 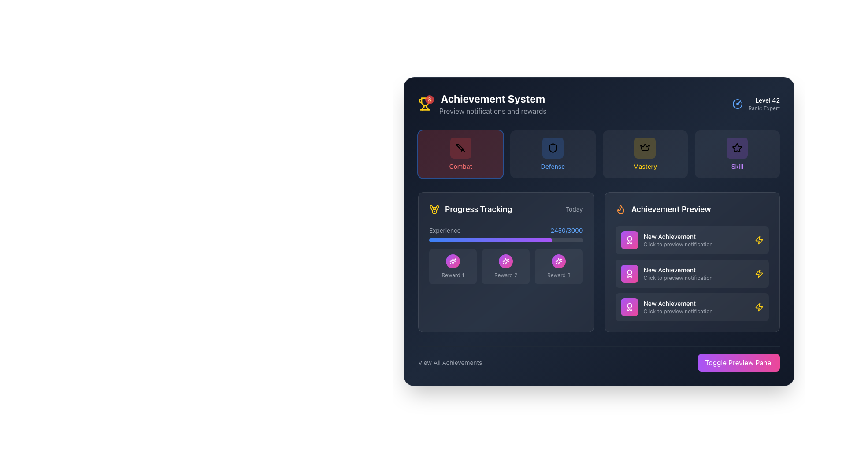 I want to click on the 'Skill' button in the top-right corner of the interface, so click(x=737, y=154).